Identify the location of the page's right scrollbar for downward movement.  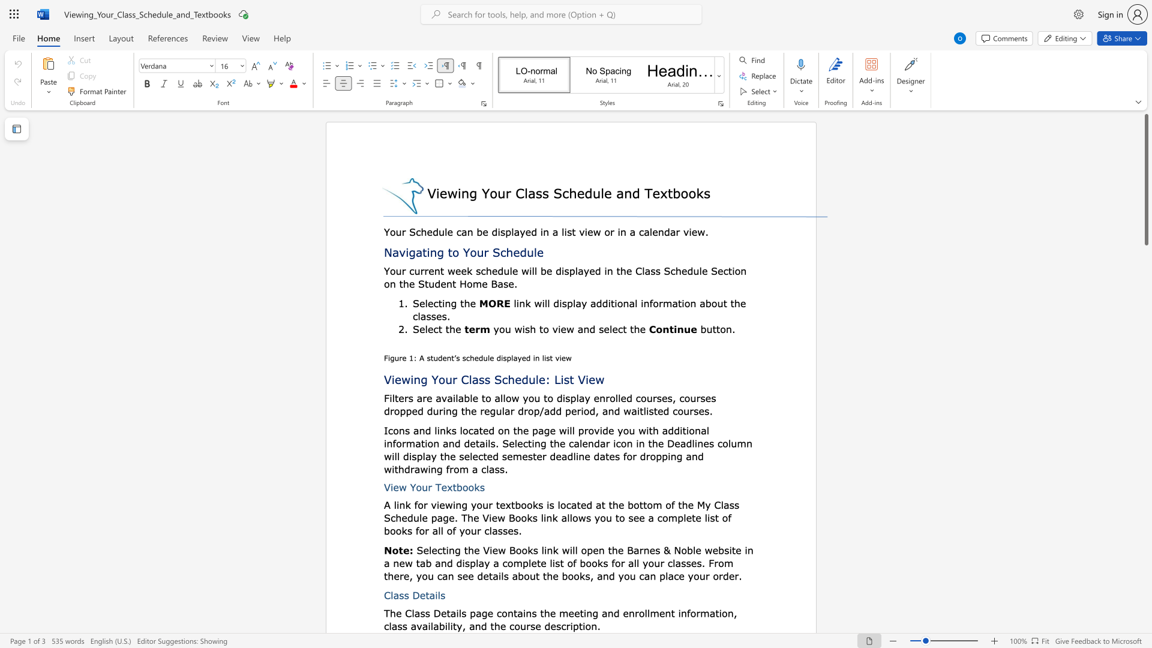
(1145, 287).